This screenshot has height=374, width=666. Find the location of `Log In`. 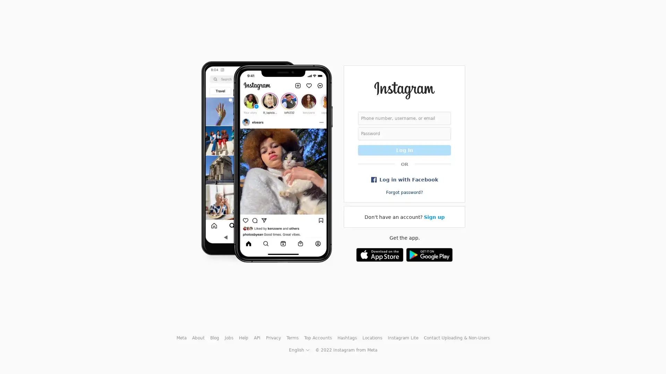

Log In is located at coordinates (404, 149).